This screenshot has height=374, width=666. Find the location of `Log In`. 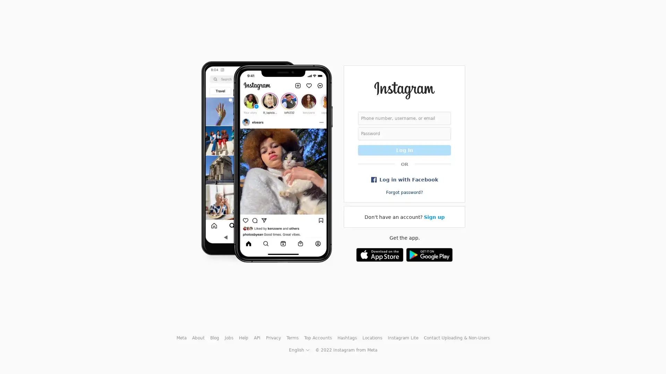

Log In is located at coordinates (404, 149).